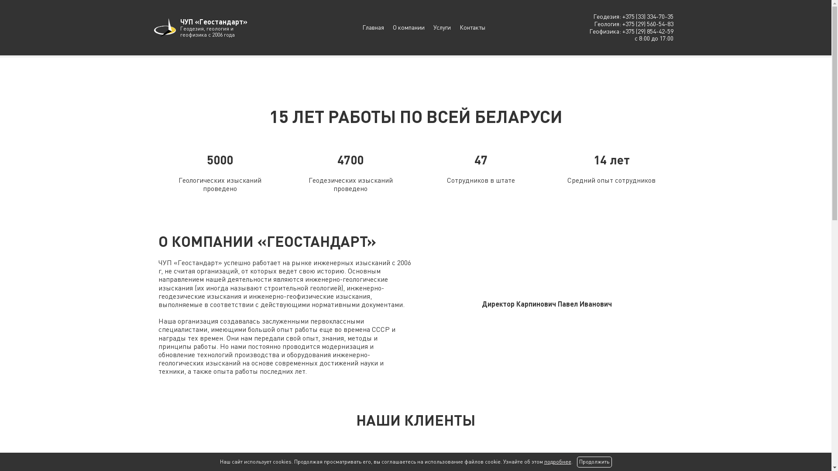 The height and width of the screenshot is (471, 838). Describe the element at coordinates (648, 16) in the screenshot. I see `'+375 (33) 334-70-35'` at that location.